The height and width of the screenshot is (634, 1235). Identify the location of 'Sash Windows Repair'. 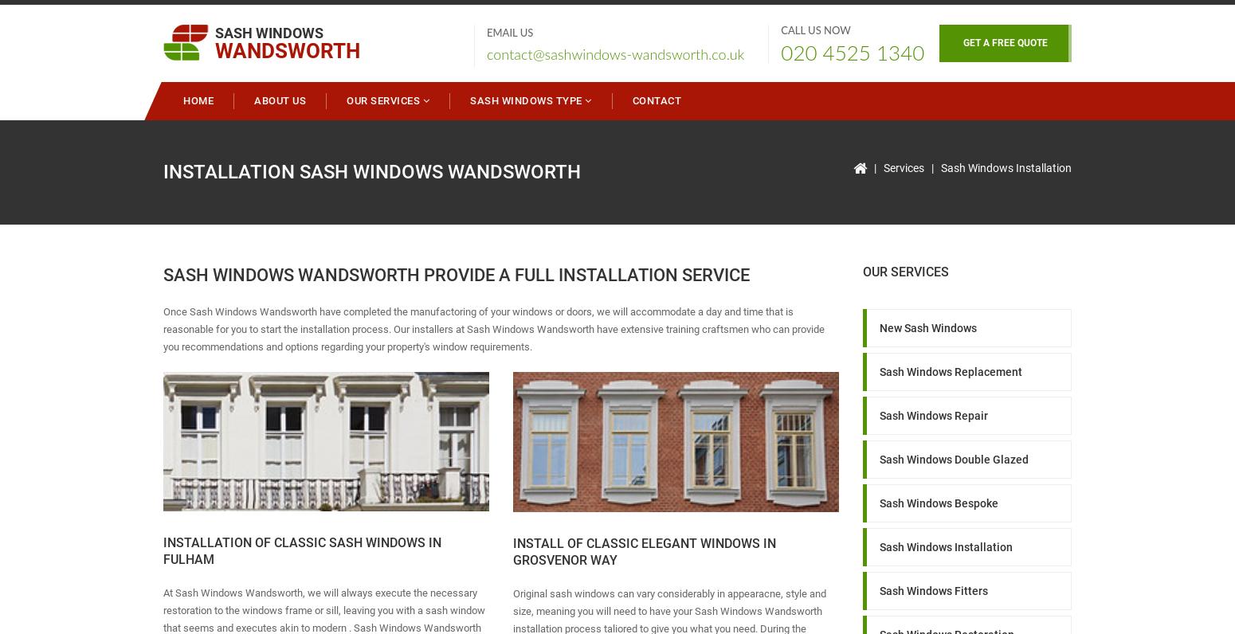
(877, 414).